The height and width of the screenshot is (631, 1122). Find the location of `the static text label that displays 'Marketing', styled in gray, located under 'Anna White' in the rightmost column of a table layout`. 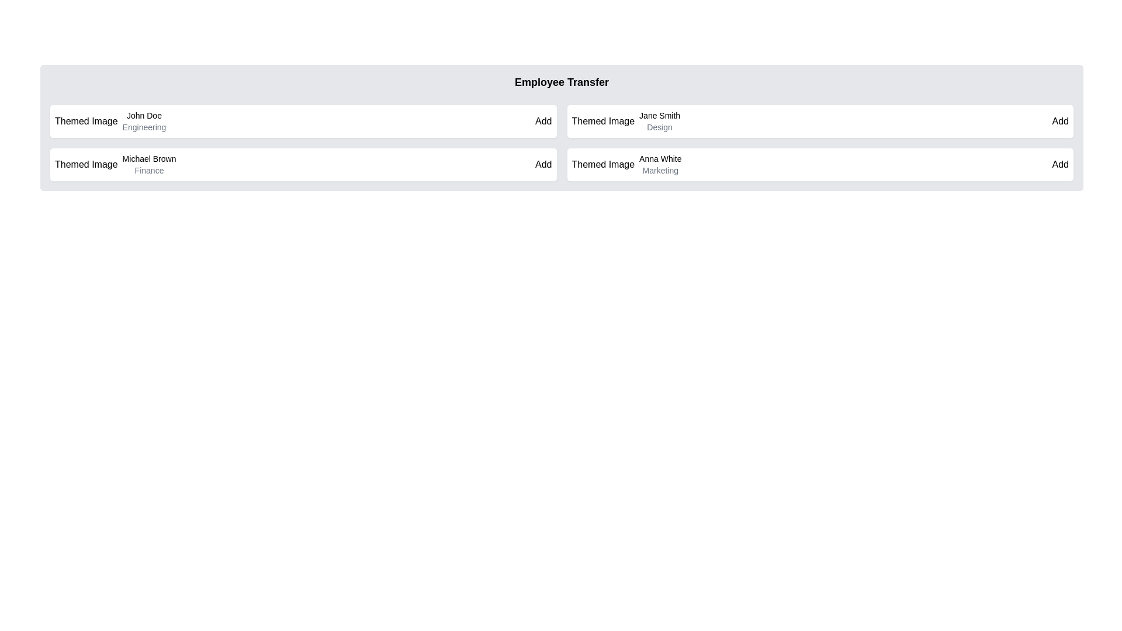

the static text label that displays 'Marketing', styled in gray, located under 'Anna White' in the rightmost column of a table layout is located at coordinates (660, 171).